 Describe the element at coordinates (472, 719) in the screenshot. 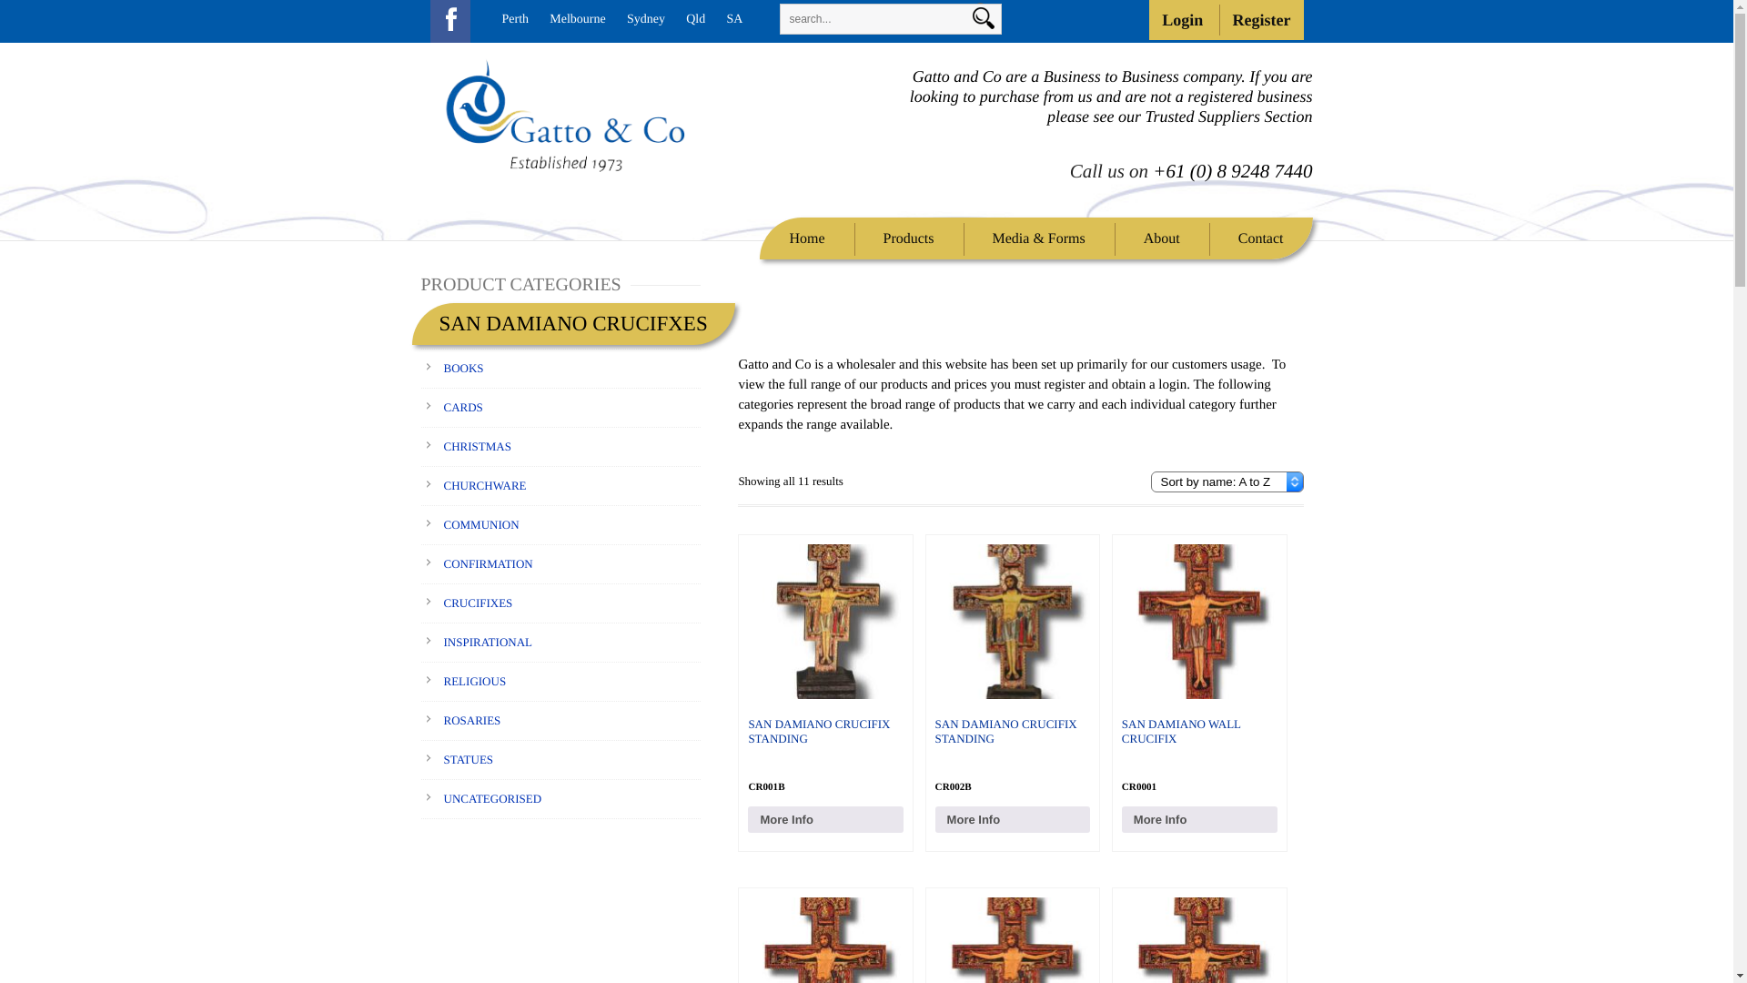

I see `'ROSARIES'` at that location.